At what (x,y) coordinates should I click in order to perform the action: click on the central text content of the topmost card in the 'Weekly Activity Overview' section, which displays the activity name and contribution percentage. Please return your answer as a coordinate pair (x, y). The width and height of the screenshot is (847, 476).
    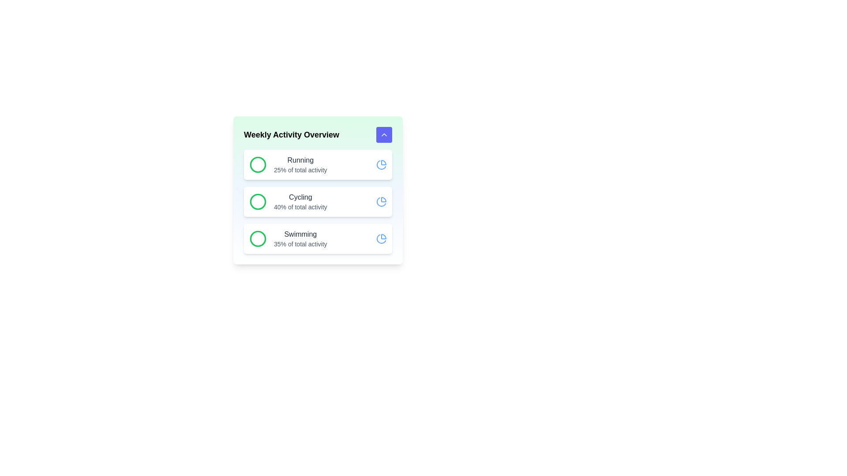
    Looking at the image, I should click on (300, 165).